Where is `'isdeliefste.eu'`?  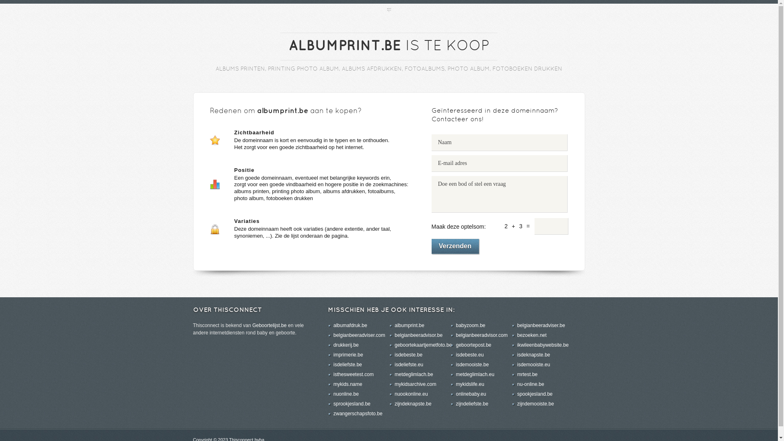 'isdeliefste.eu' is located at coordinates (409, 364).